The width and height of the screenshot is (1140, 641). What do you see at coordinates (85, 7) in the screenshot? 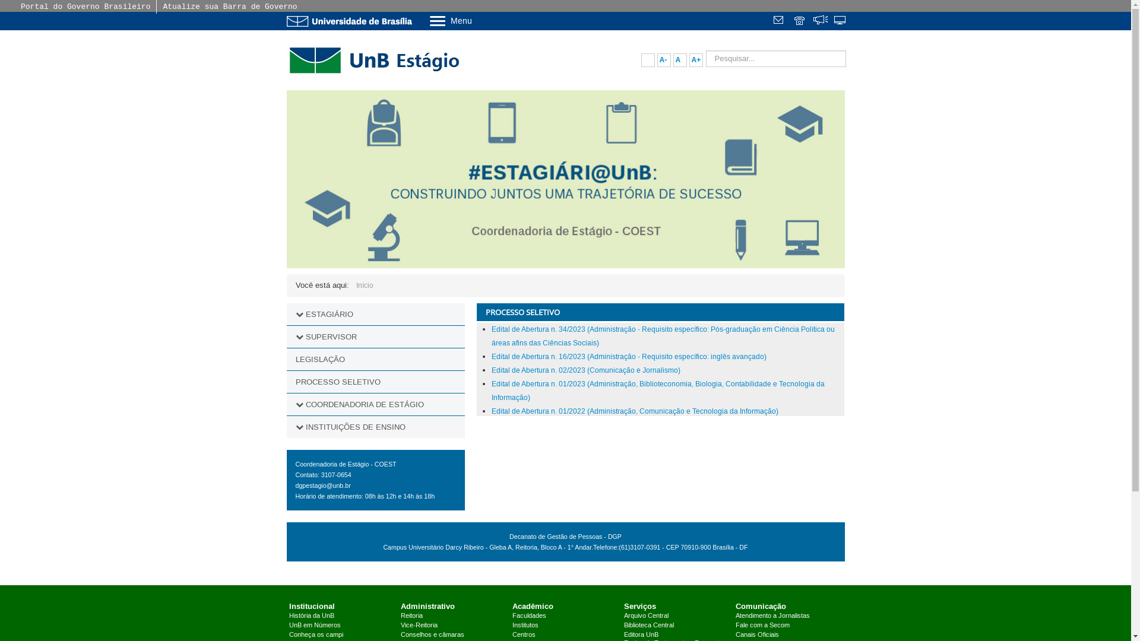
I see `'Portal do Governo Brasileiro'` at bounding box center [85, 7].